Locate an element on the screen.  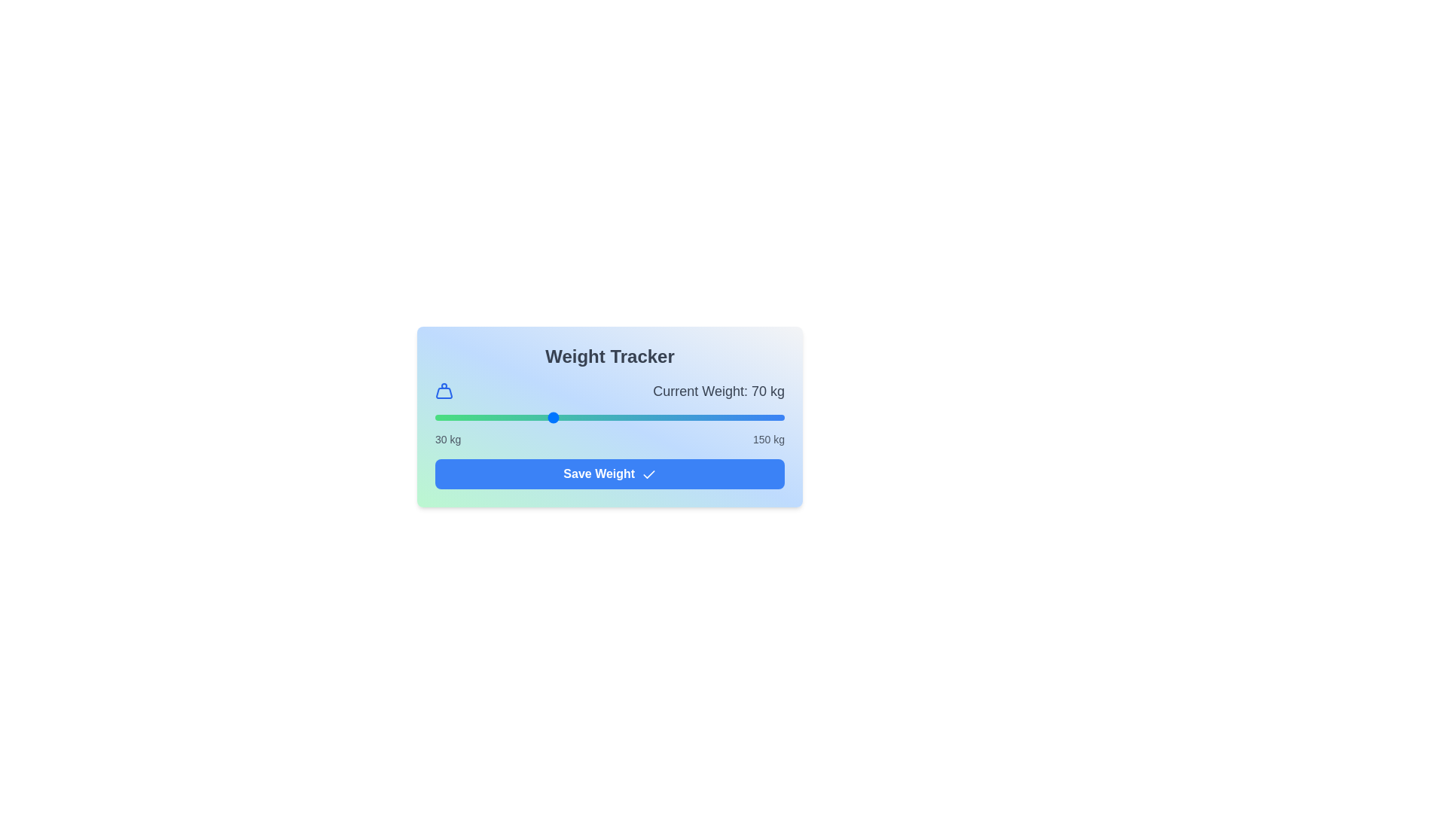
the weight slider to 45 kg is located at coordinates (477, 418).